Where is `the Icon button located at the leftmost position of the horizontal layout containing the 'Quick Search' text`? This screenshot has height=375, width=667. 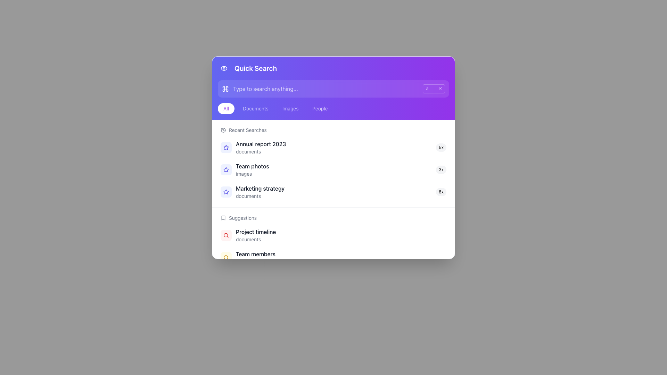 the Icon button located at the leftmost position of the horizontal layout containing the 'Quick Search' text is located at coordinates (224, 68).